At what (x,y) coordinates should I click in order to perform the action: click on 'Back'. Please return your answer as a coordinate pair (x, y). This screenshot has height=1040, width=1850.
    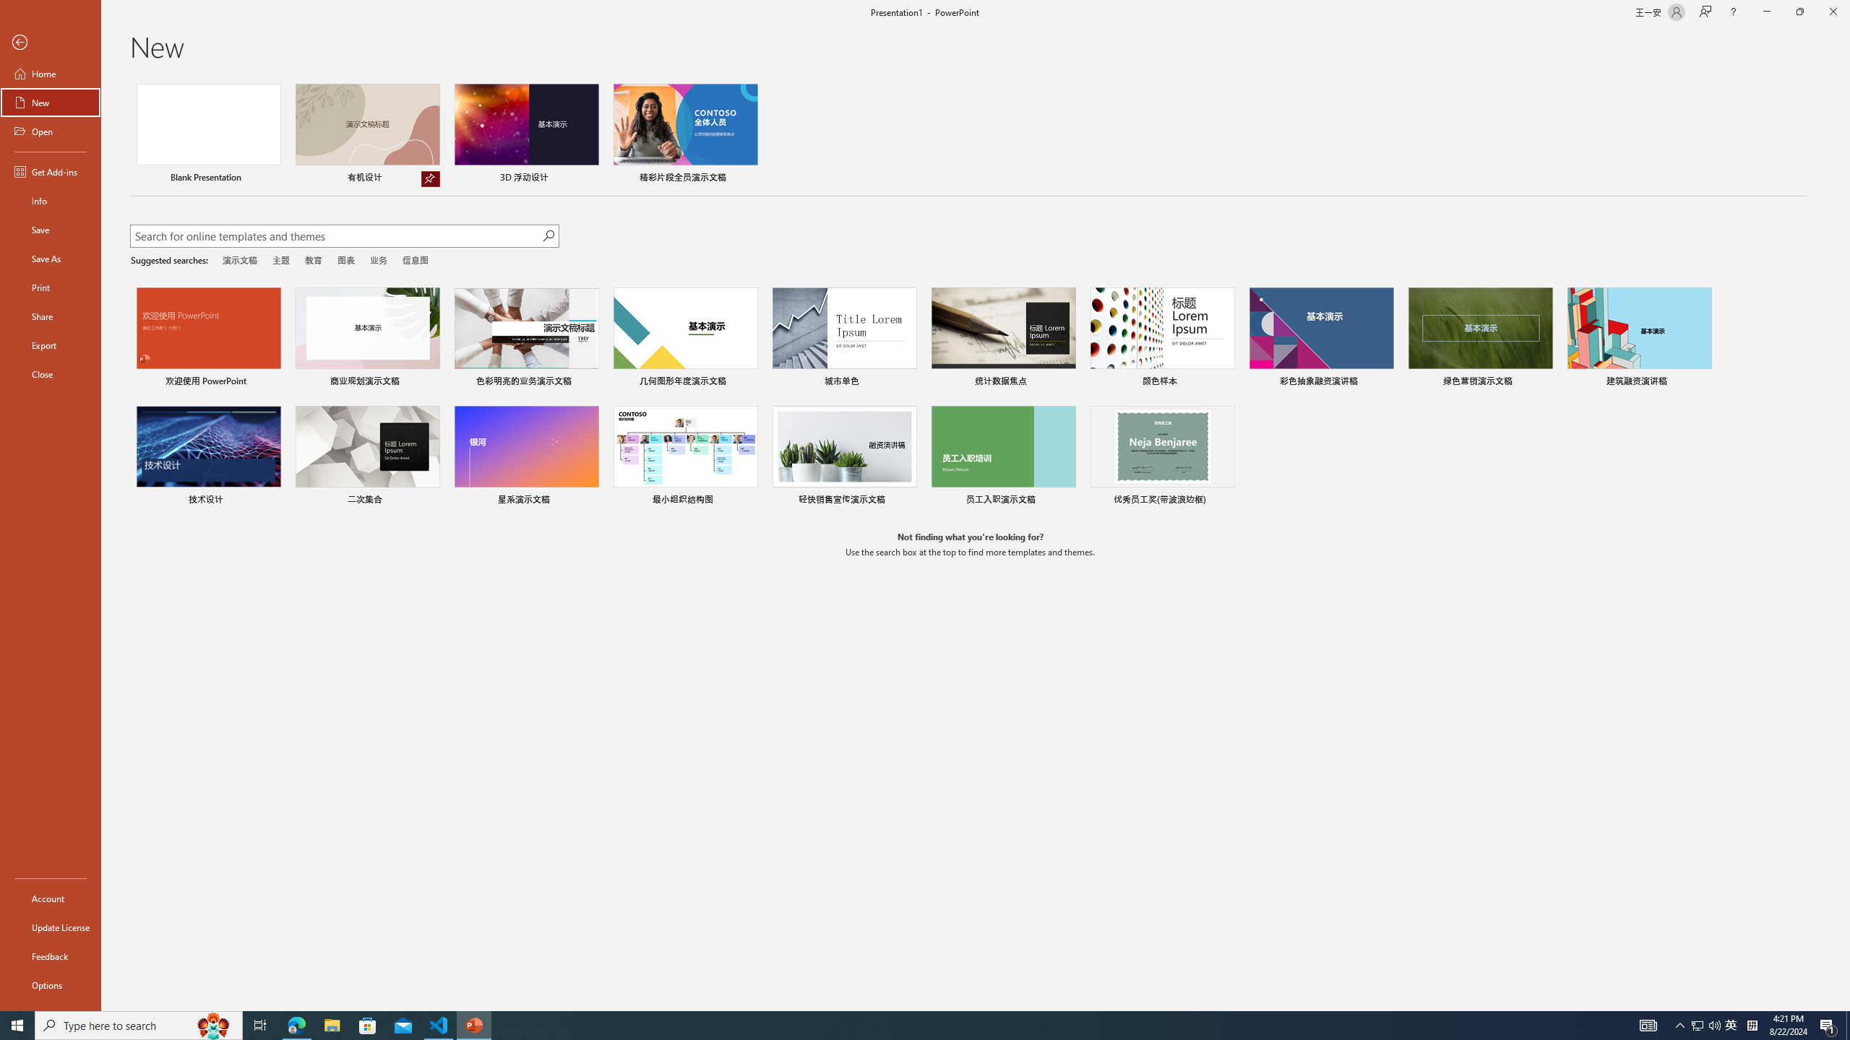
    Looking at the image, I should click on (50, 42).